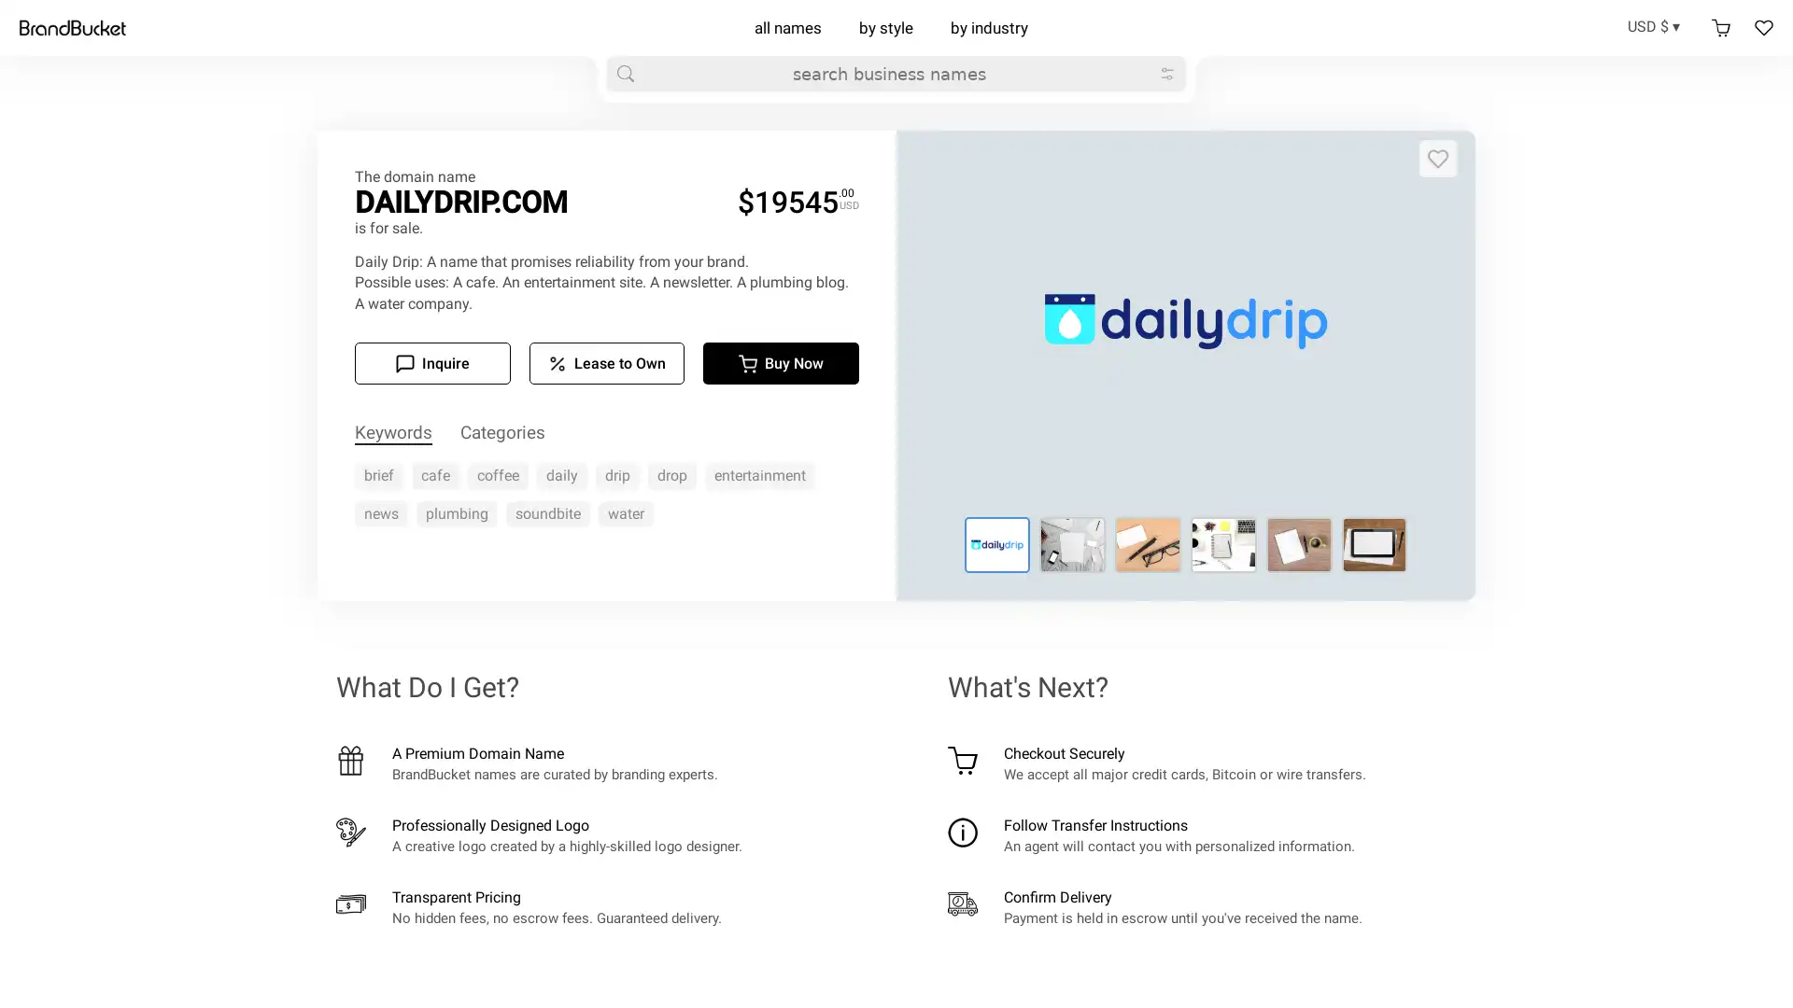 The width and height of the screenshot is (1793, 1008). What do you see at coordinates (1165, 72) in the screenshot?
I see `big refine` at bounding box center [1165, 72].